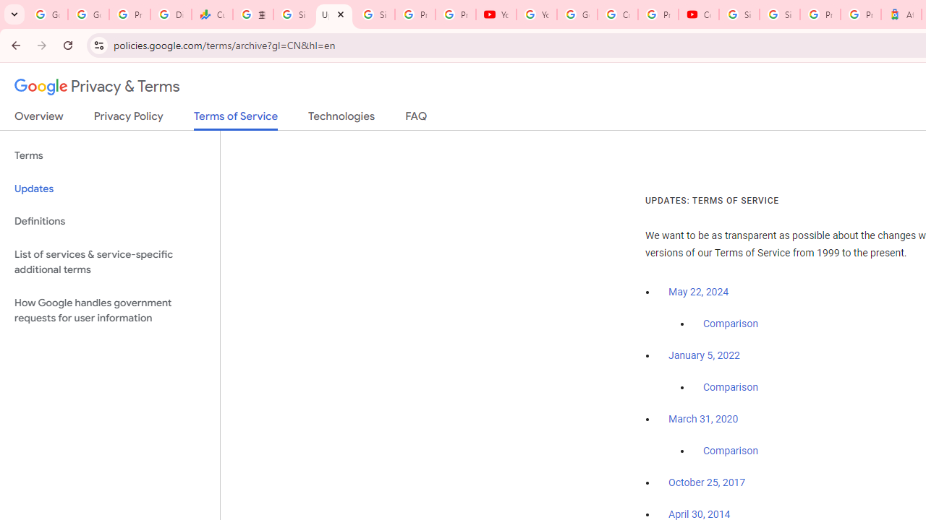 The image size is (926, 520). I want to click on 'Google Workspace Admin Community', so click(47, 14).